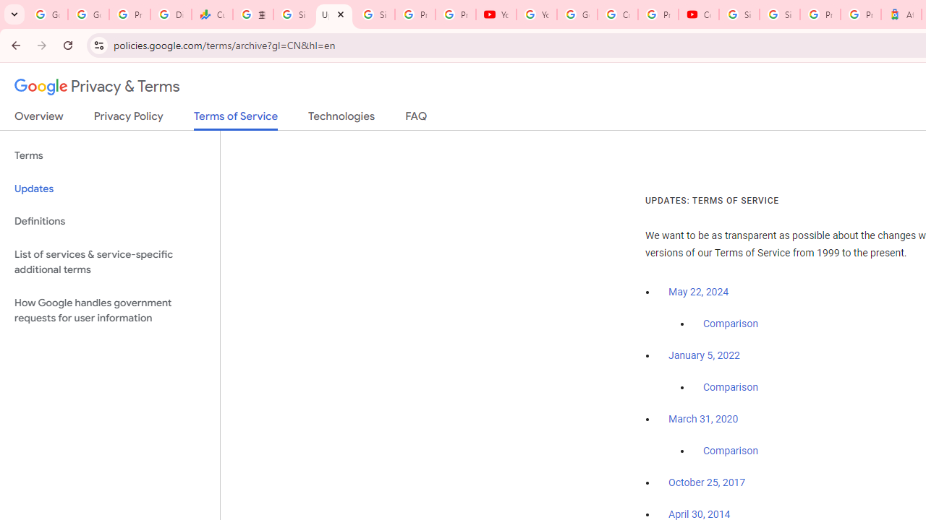 The image size is (926, 520). I want to click on 'Google Workspace Admin Community', so click(47, 14).